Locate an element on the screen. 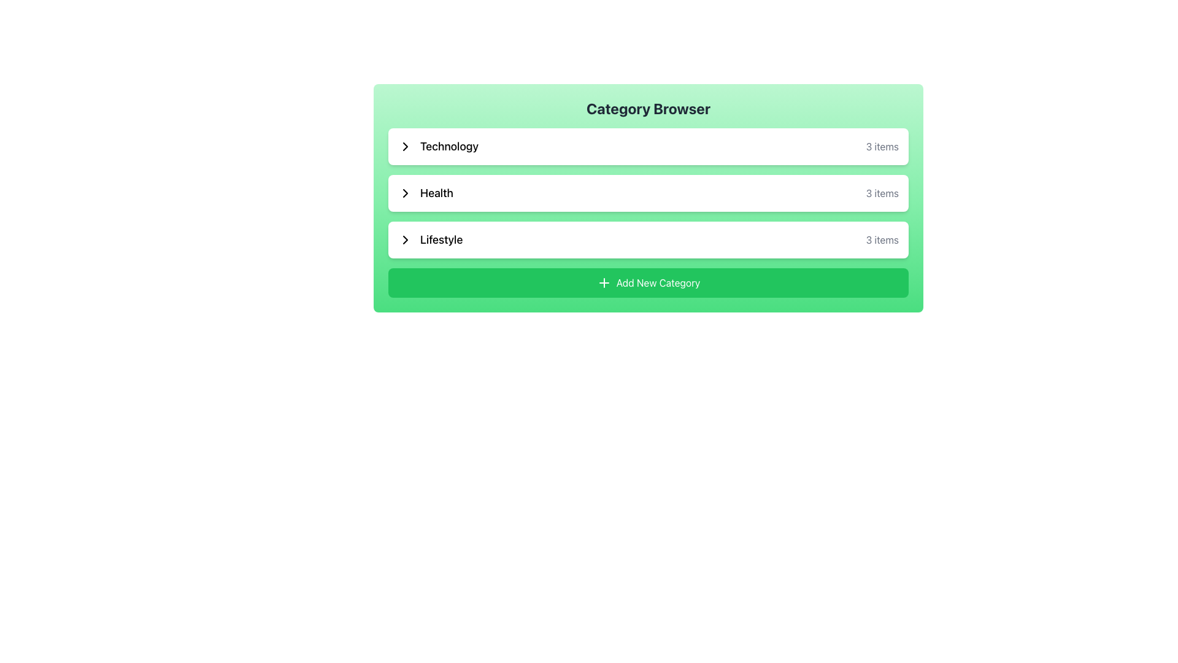  the 'Lifestyle' category button or information card, which is the third card in the vertical list under 'Category Browser' is located at coordinates (647, 239).